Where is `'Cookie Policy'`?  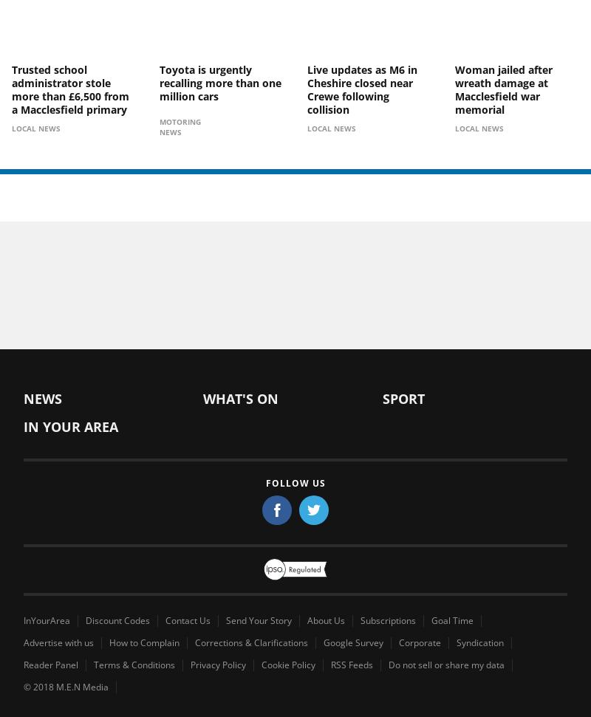
'Cookie Policy' is located at coordinates (287, 664).